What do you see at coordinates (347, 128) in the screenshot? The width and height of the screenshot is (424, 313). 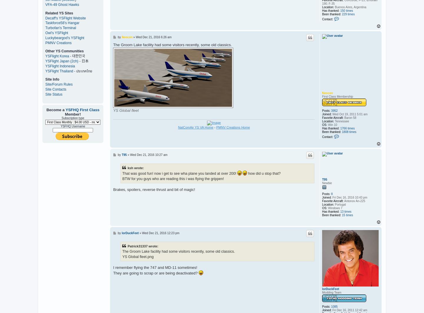 I see `'1766 times'` at bounding box center [347, 128].